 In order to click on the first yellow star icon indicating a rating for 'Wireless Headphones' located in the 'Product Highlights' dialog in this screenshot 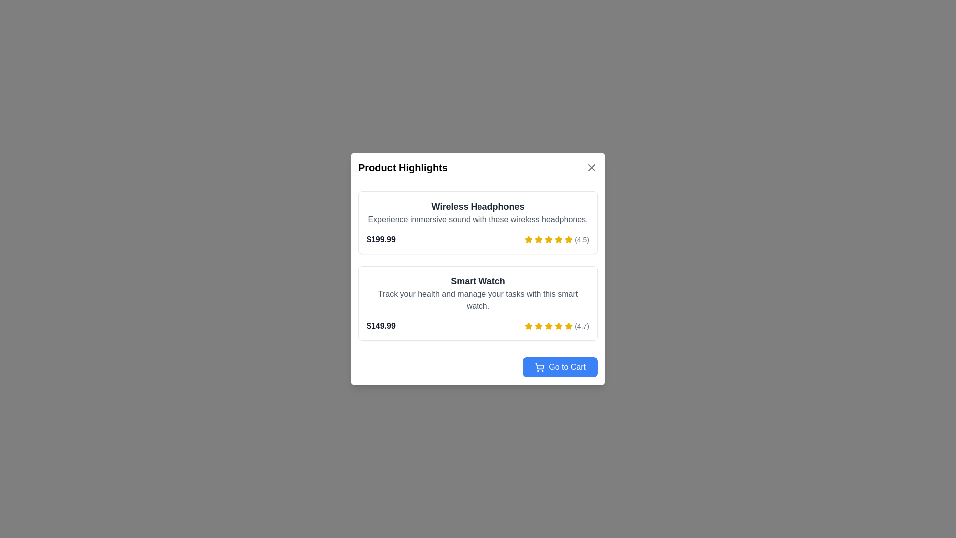, I will do `click(528, 240)`.